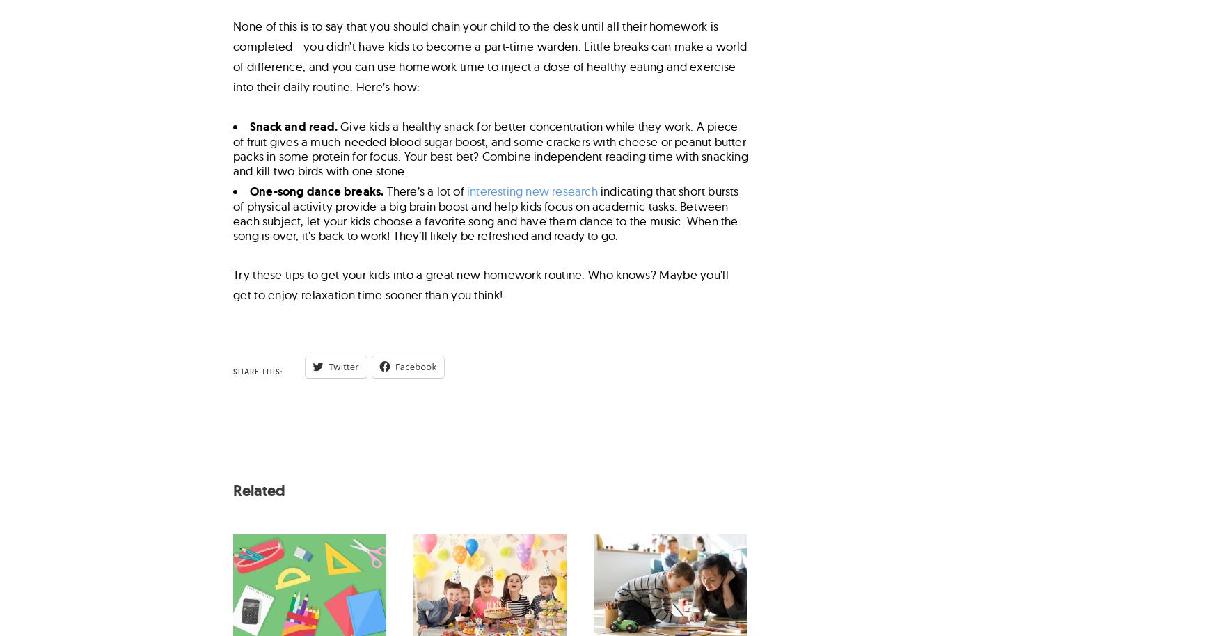 This screenshot has width=1218, height=636. Describe the element at coordinates (294, 125) in the screenshot. I see `'Snack and read.'` at that location.